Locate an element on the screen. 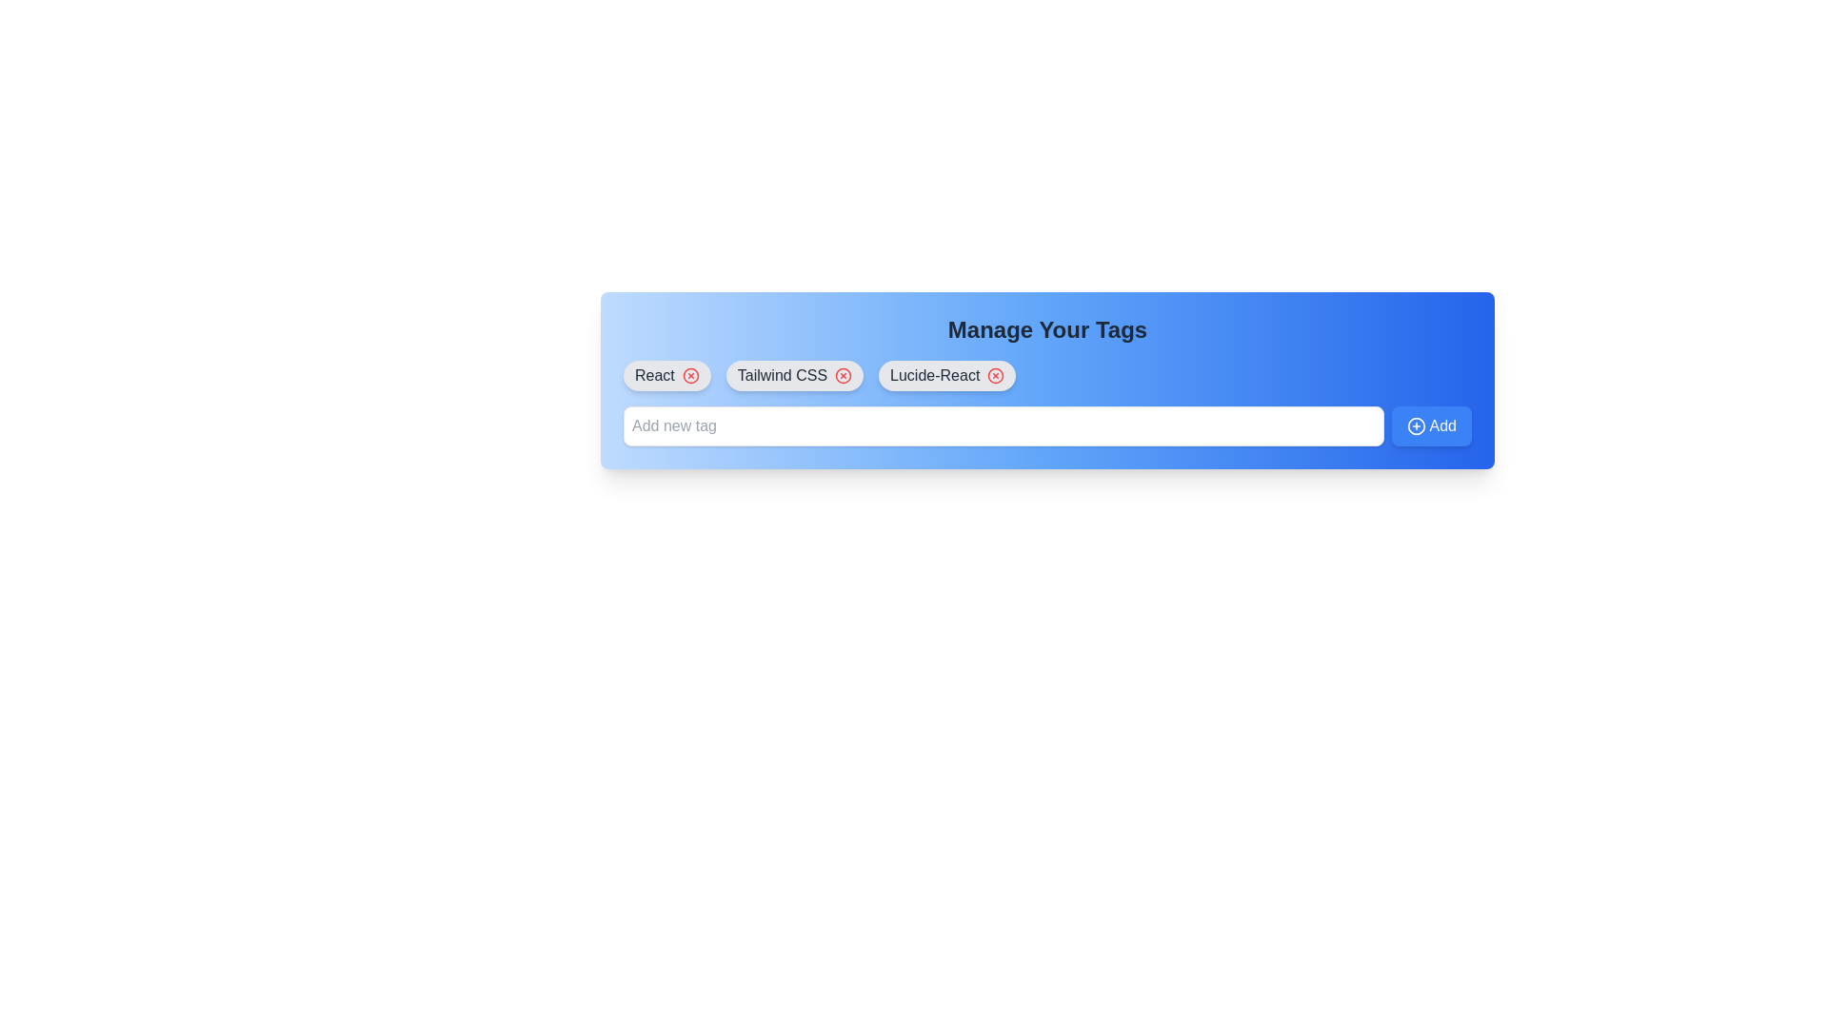  the red circular SVG element with a stroke width of 2 that serves as the close button for the 'React' tag is located at coordinates (689, 375).